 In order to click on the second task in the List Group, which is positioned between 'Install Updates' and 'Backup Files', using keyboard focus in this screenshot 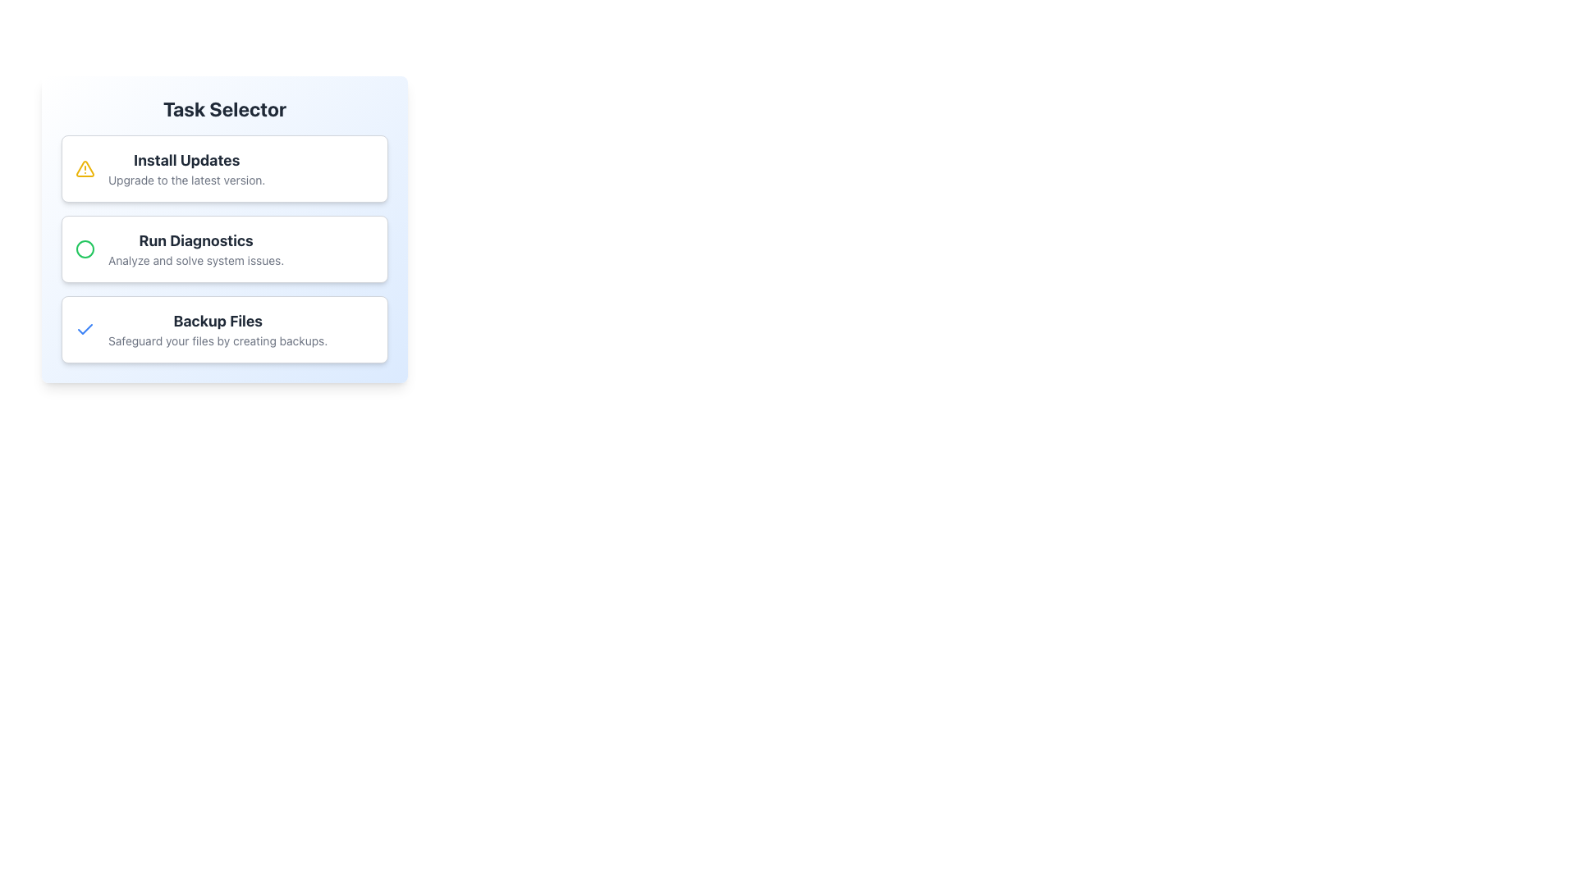, I will do `click(223, 249)`.